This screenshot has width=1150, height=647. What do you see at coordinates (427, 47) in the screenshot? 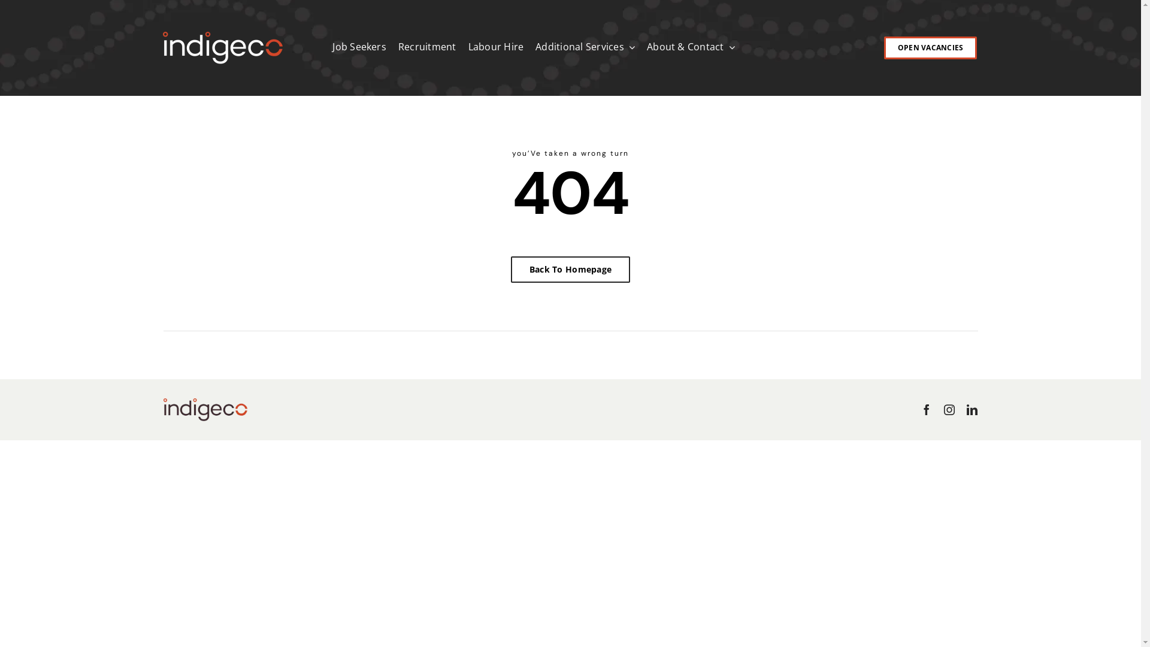
I see `'Recruitment'` at bounding box center [427, 47].